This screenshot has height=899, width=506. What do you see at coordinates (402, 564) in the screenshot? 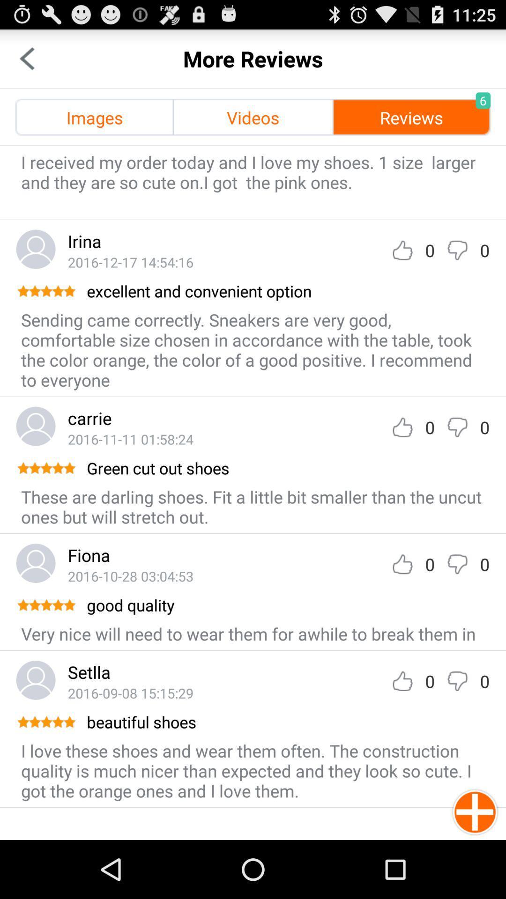
I see `like review` at bounding box center [402, 564].